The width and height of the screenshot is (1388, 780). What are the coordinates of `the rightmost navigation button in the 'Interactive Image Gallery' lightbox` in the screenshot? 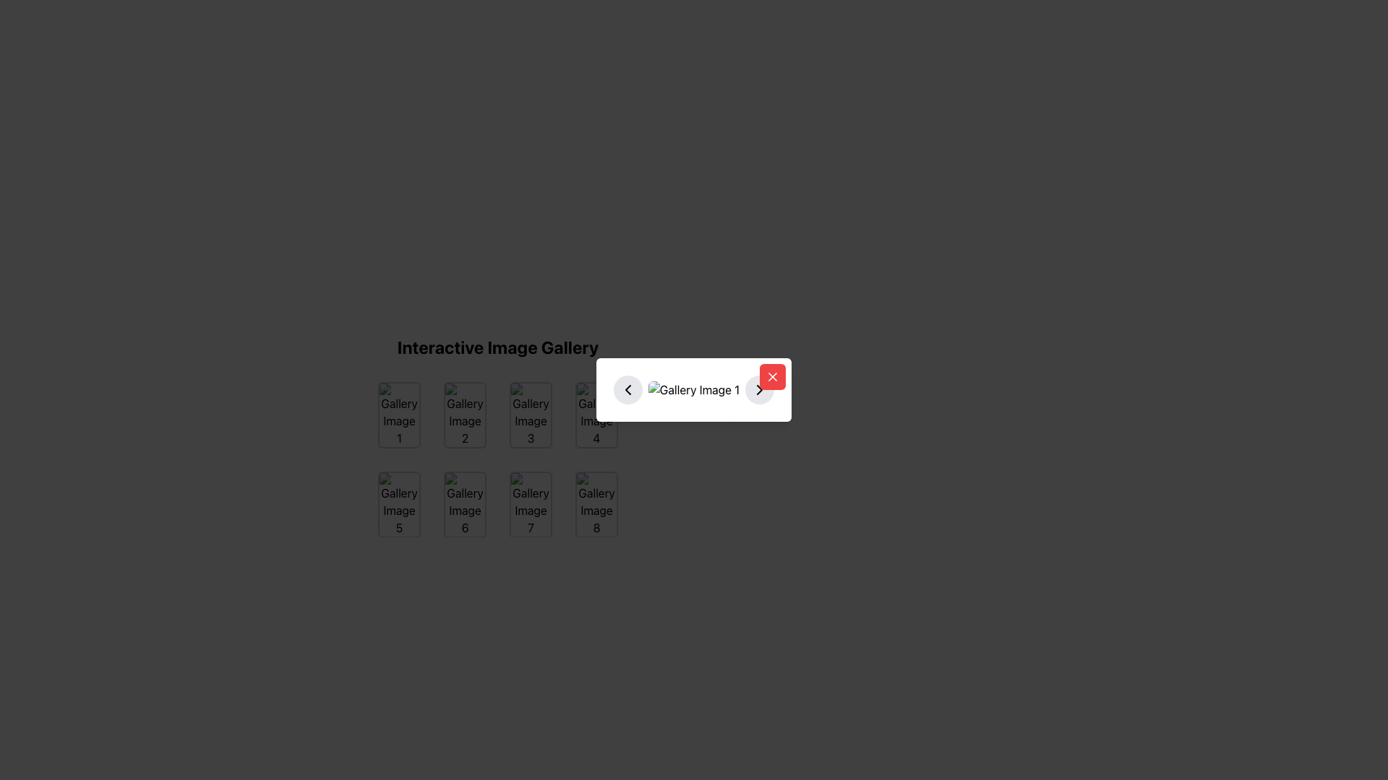 It's located at (759, 390).